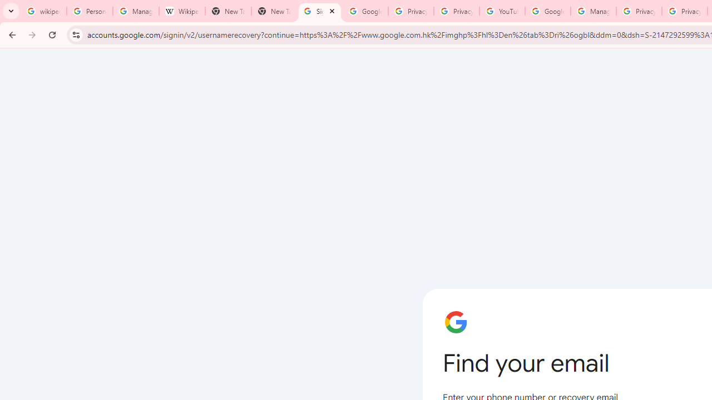 The width and height of the screenshot is (712, 400). What do you see at coordinates (319, 11) in the screenshot?
I see `'Sign in - Google Accounts'` at bounding box center [319, 11].